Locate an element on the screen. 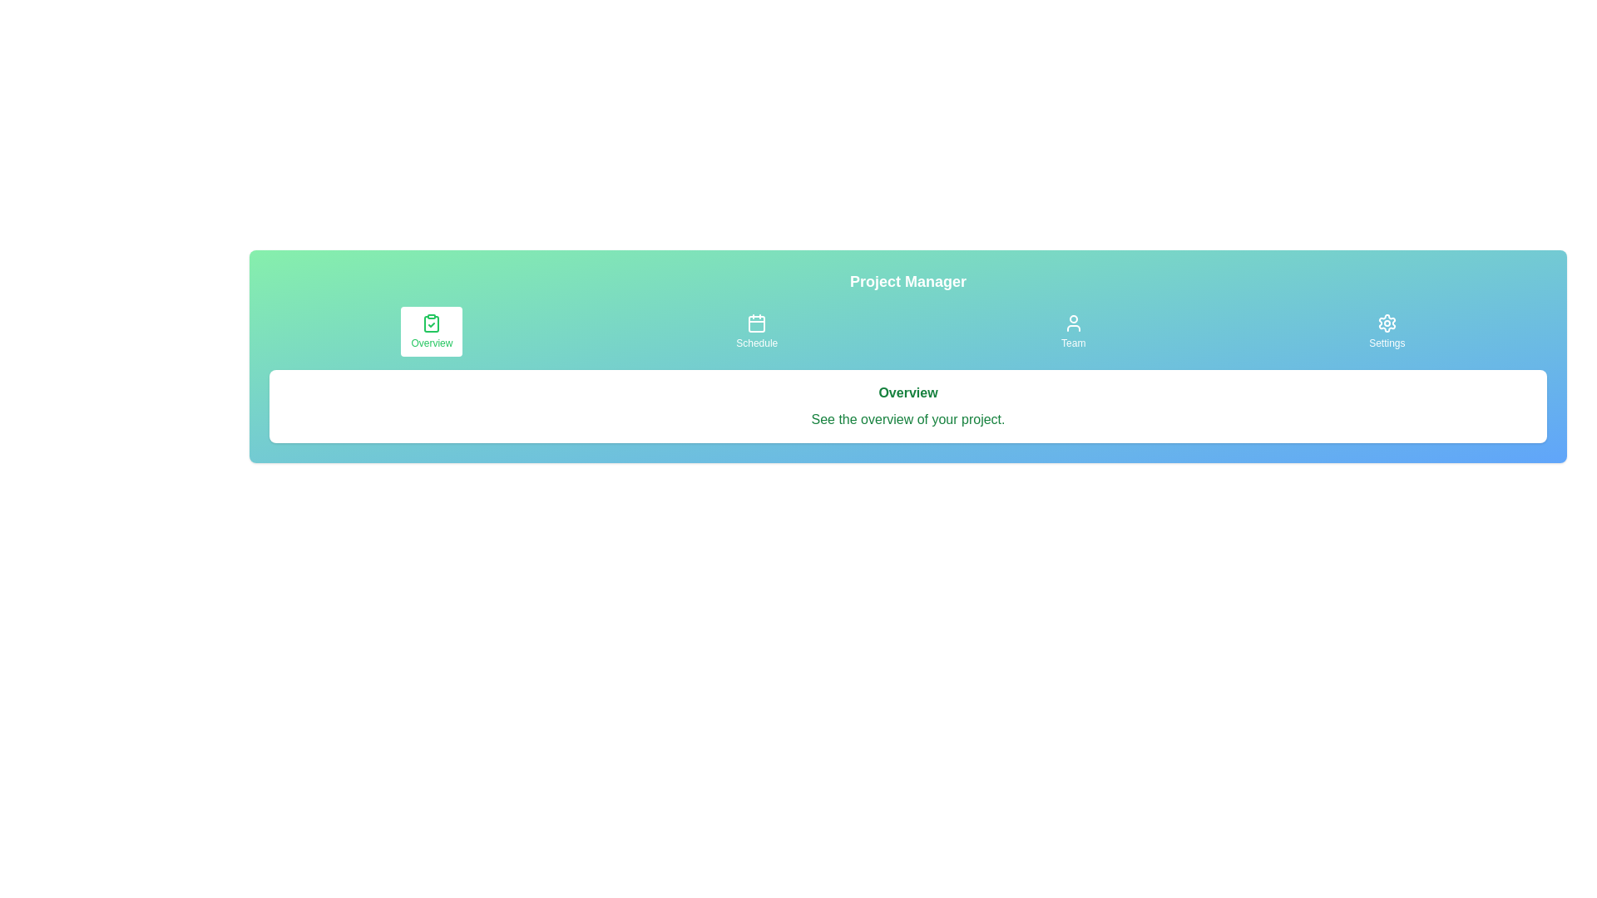 This screenshot has height=898, width=1597. the 'Team' text label in the navigation bar, which is positioned between the 'Schedule' and 'Settings' buttons is located at coordinates (1073, 342).